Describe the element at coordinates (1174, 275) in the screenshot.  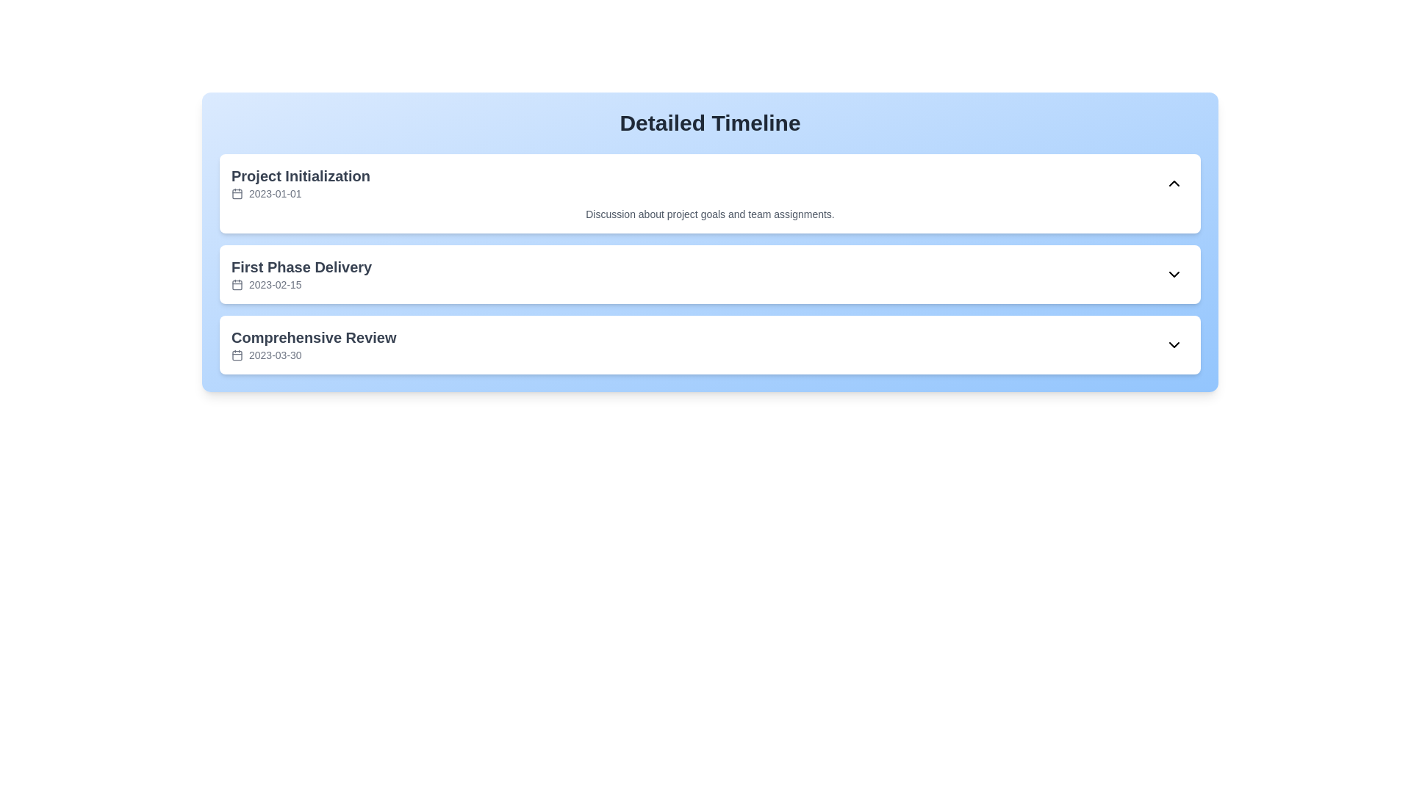
I see `the downward-pointing chevron icon button located near the 'First Phase Delivery' text` at that location.